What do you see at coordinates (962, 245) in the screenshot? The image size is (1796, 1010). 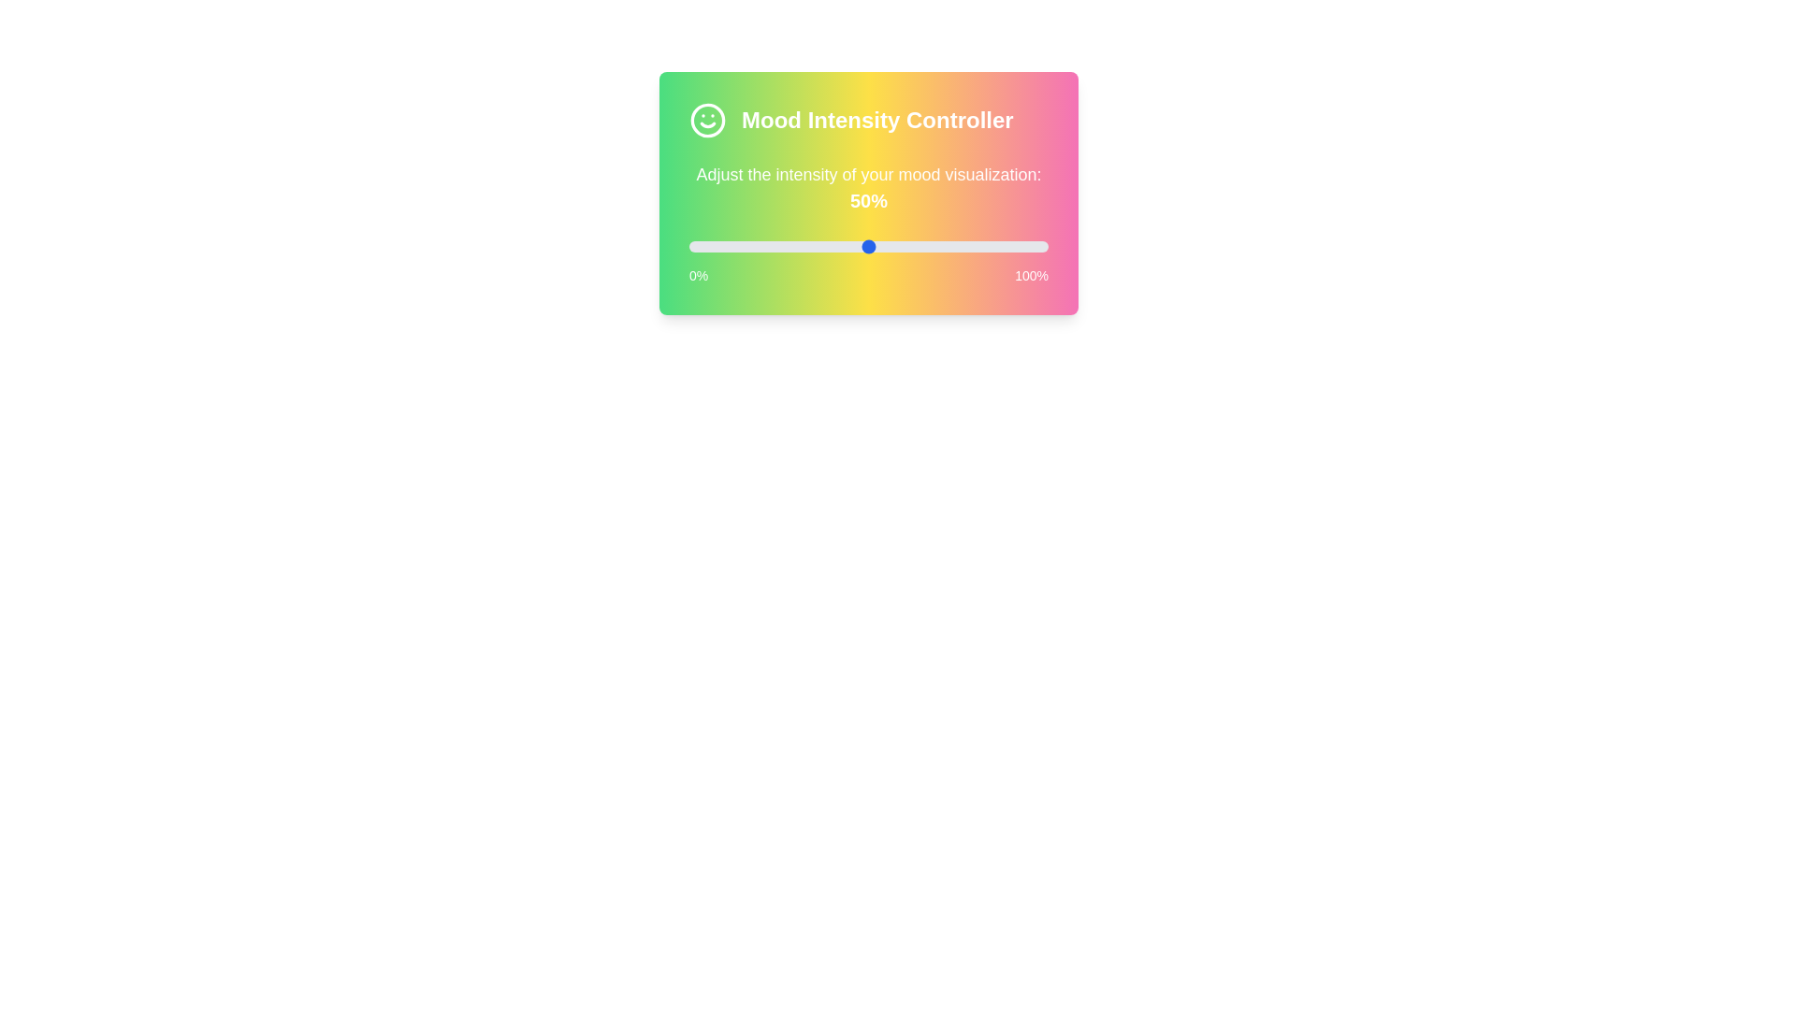 I see `the slider to 76%` at bounding box center [962, 245].